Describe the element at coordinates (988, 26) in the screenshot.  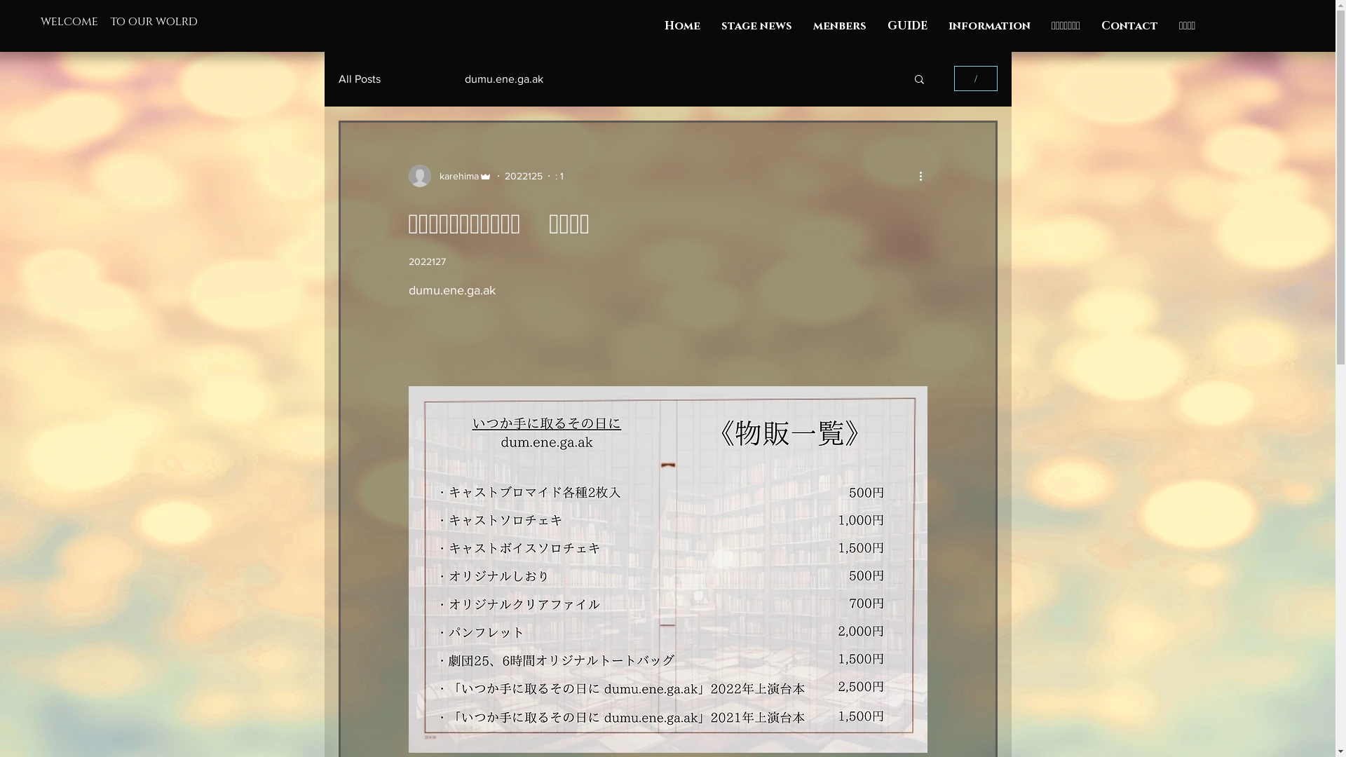
I see `'information'` at that location.